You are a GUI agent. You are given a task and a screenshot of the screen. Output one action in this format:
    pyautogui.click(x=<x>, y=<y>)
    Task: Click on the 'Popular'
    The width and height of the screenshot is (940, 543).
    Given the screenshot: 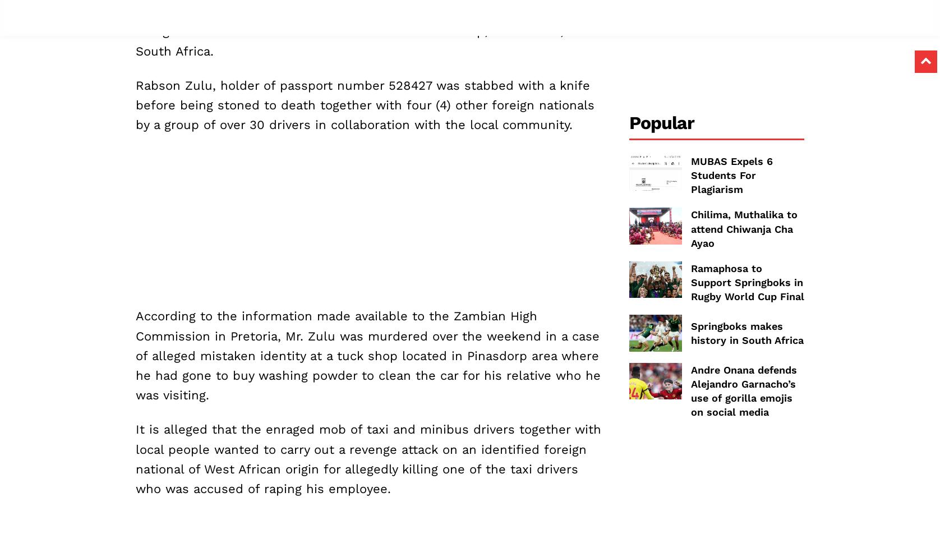 What is the action you would take?
    pyautogui.click(x=661, y=121)
    